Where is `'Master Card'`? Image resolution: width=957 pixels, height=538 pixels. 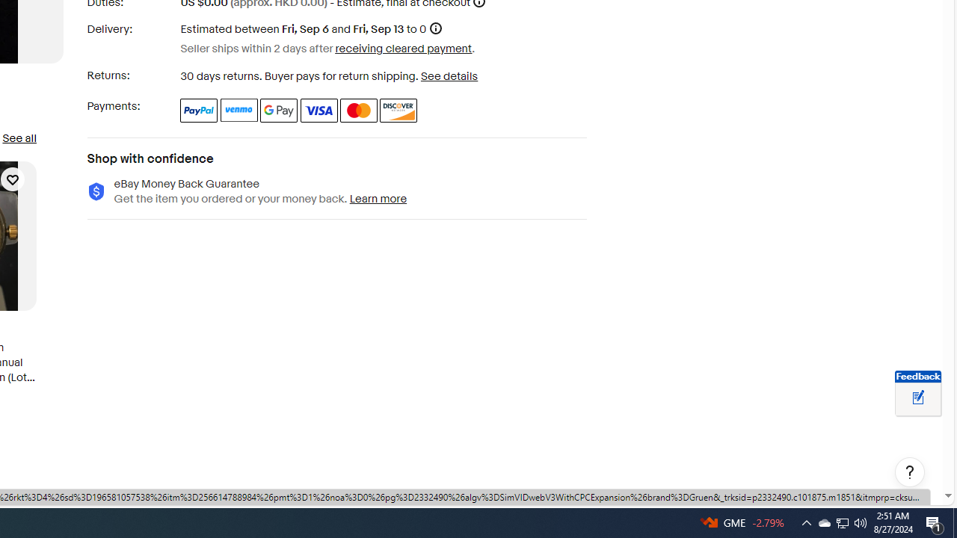
'Master Card' is located at coordinates (359, 109).